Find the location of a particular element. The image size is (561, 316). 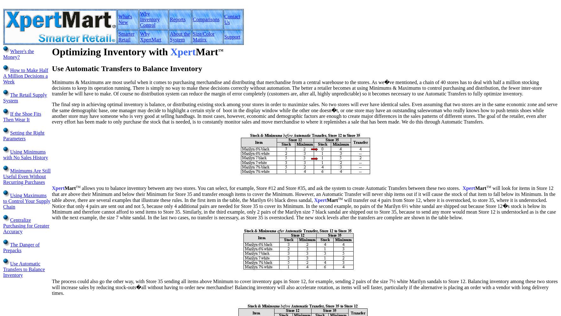

'If
the Shoe Fits Then Wear It' is located at coordinates (22, 116).